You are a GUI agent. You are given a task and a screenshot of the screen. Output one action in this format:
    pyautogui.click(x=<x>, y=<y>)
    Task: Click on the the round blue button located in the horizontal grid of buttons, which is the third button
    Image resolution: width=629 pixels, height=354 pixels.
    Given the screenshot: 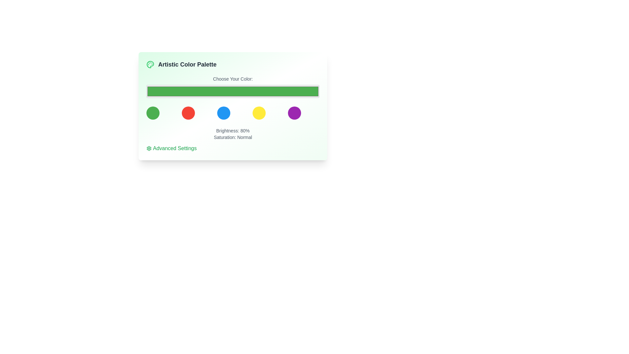 What is the action you would take?
    pyautogui.click(x=223, y=112)
    